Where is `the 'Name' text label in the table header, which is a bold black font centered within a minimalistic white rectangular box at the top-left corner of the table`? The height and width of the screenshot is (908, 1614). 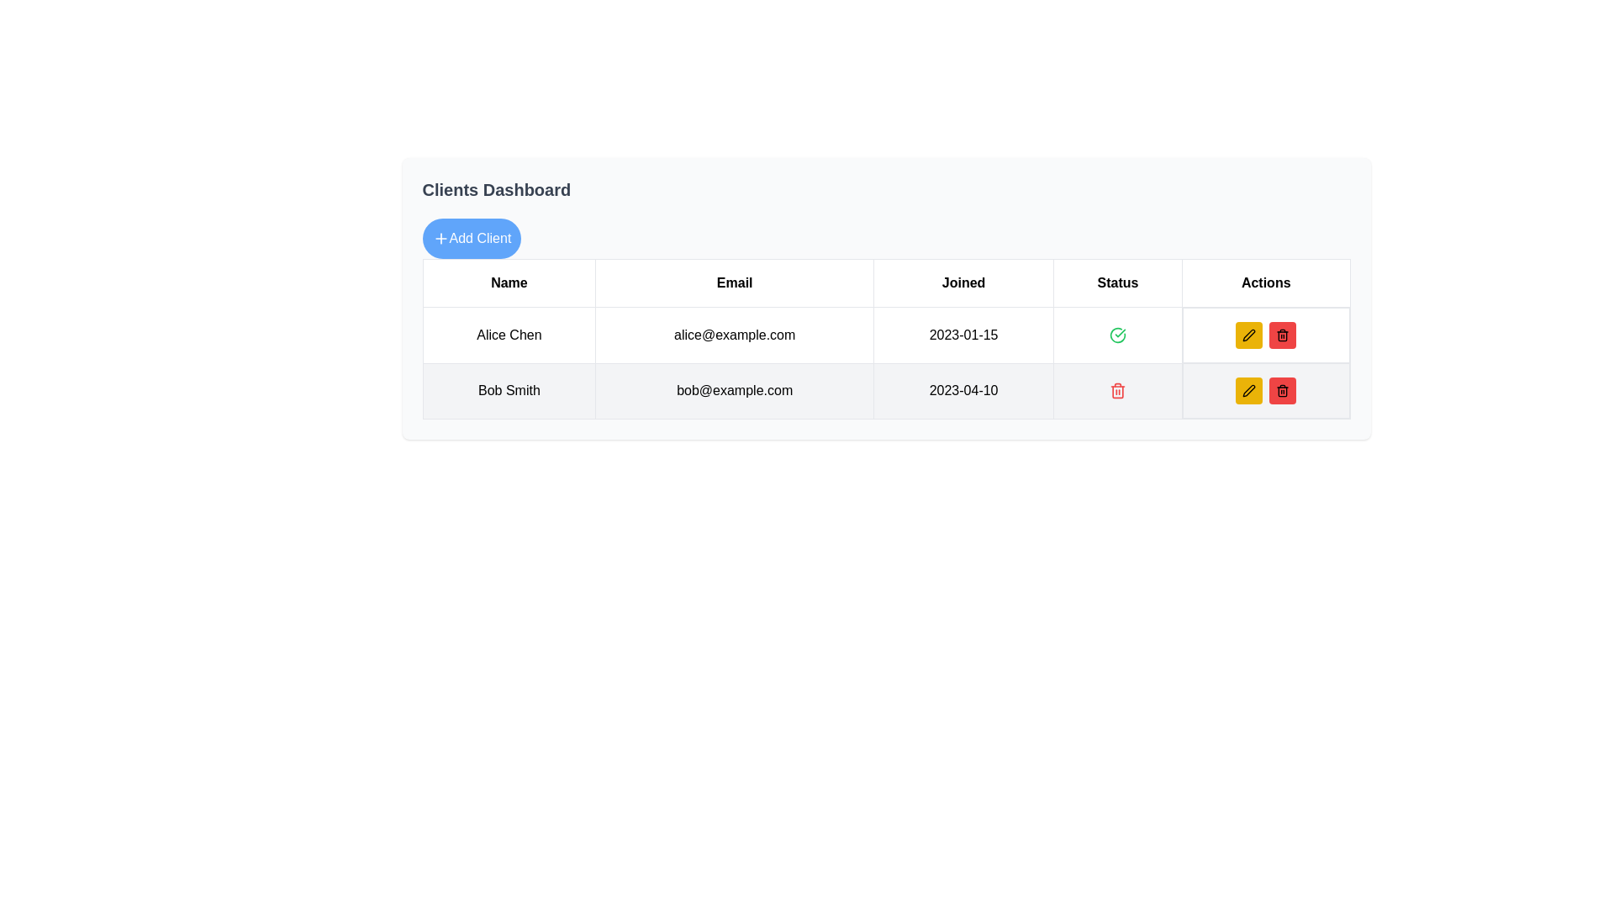
the 'Name' text label in the table header, which is a bold black font centered within a minimalistic white rectangular box at the top-left corner of the table is located at coordinates (508, 282).